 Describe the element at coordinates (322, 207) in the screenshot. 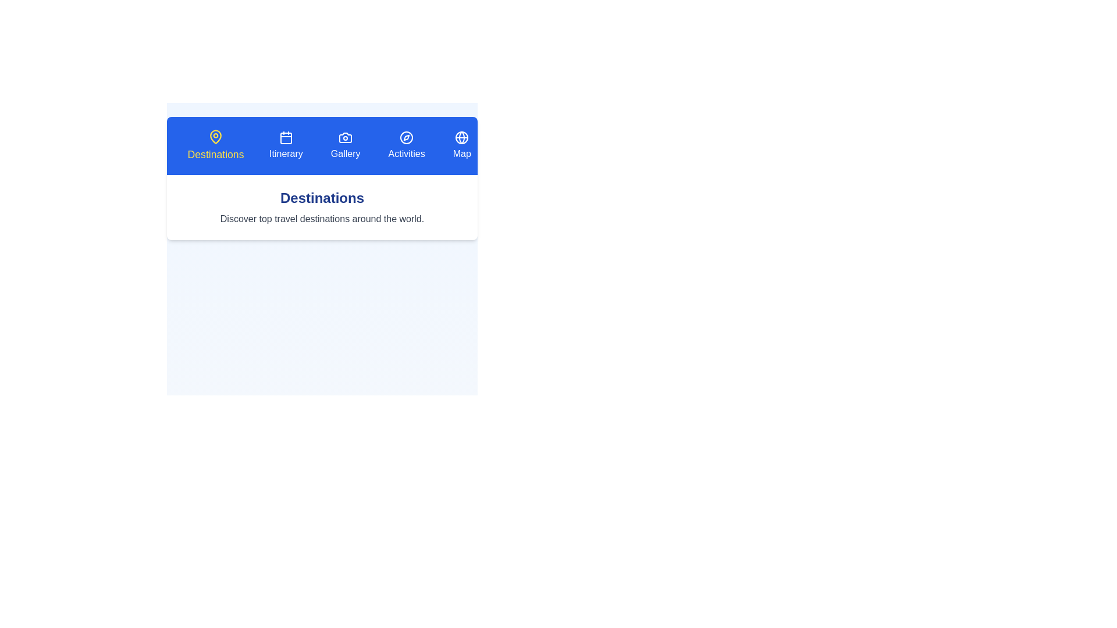

I see `text block labeled 'Destinations' prominently displayed in a bold, blue font, with a smaller gray text below describing travel destinations` at that location.